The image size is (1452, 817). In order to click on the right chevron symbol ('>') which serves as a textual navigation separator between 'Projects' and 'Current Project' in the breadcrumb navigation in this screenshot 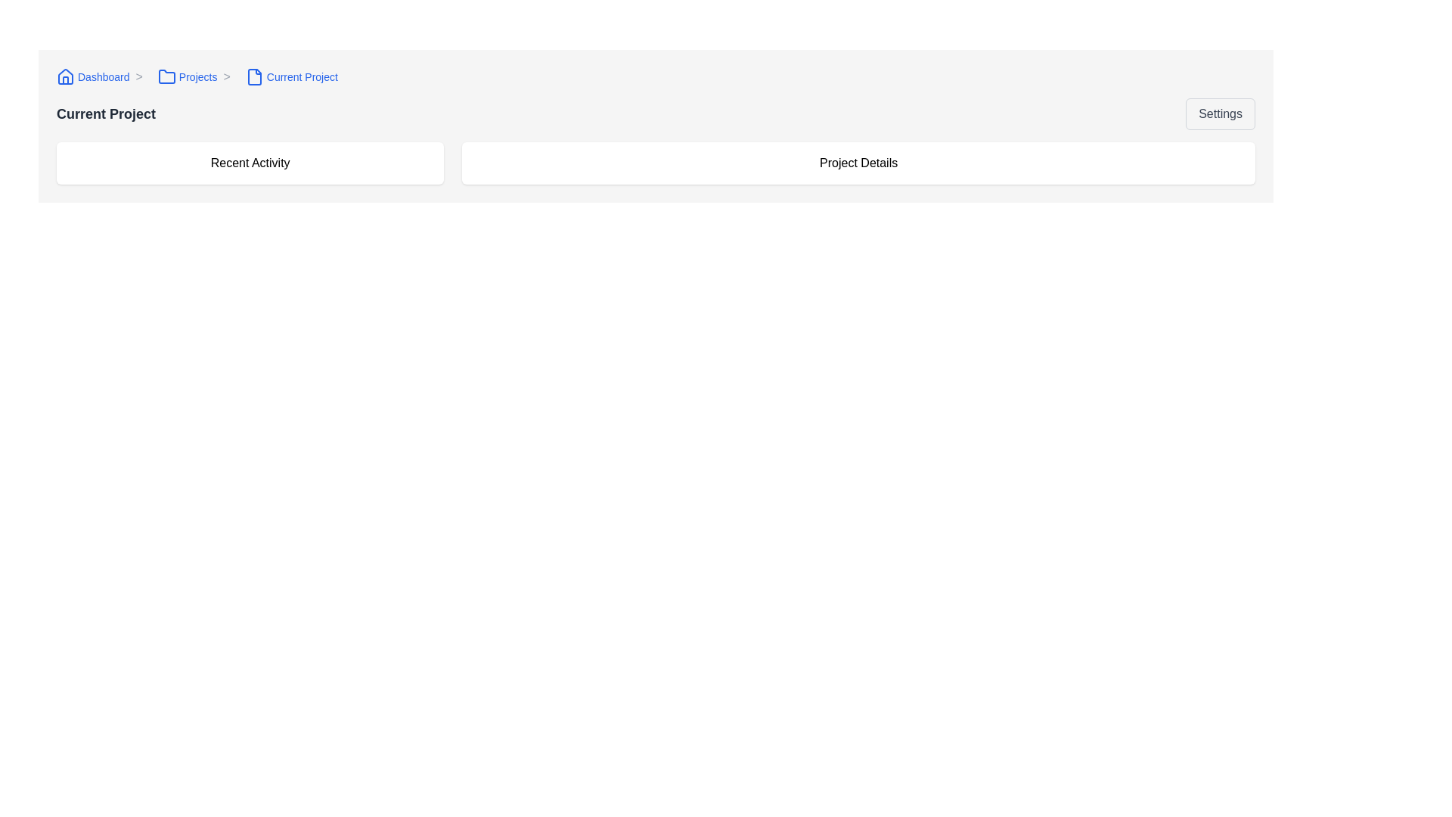, I will do `click(226, 76)`.